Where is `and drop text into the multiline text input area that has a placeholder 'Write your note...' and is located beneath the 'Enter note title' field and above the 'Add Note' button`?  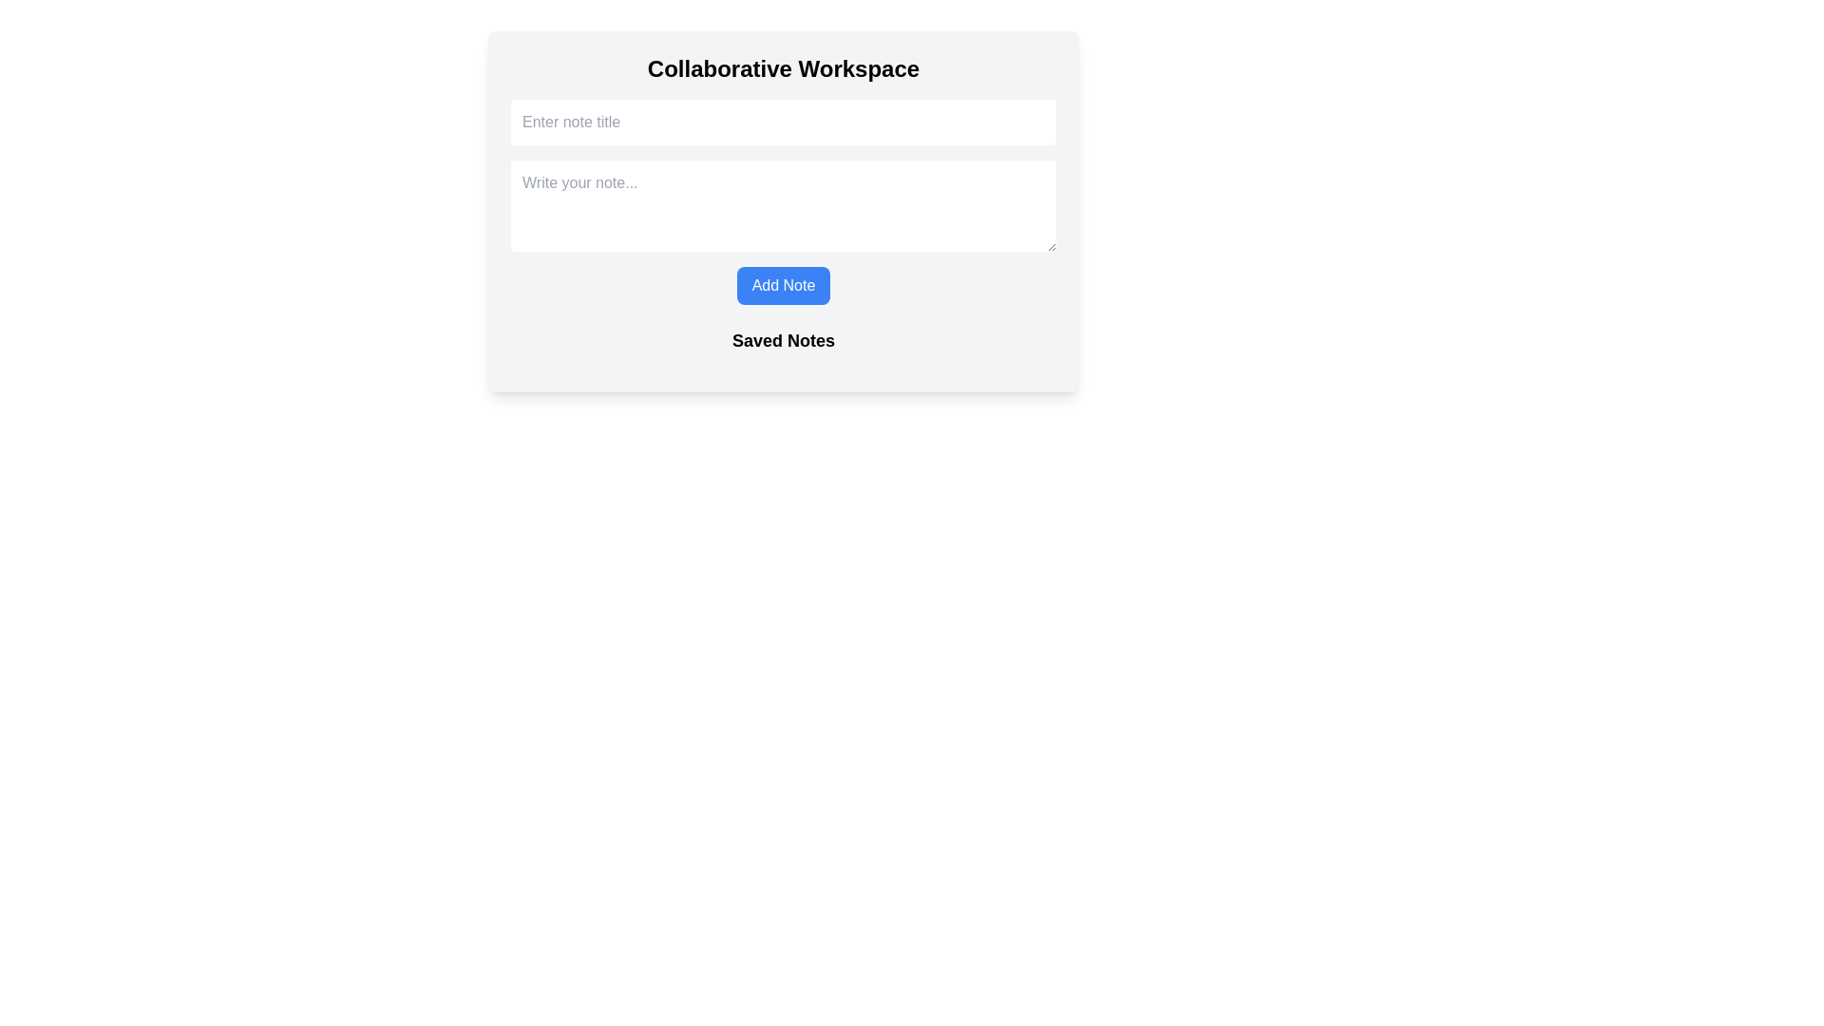
and drop text into the multiline text input area that has a placeholder 'Write your note...' and is located beneath the 'Enter note title' field and above the 'Add Note' button is located at coordinates (784, 205).